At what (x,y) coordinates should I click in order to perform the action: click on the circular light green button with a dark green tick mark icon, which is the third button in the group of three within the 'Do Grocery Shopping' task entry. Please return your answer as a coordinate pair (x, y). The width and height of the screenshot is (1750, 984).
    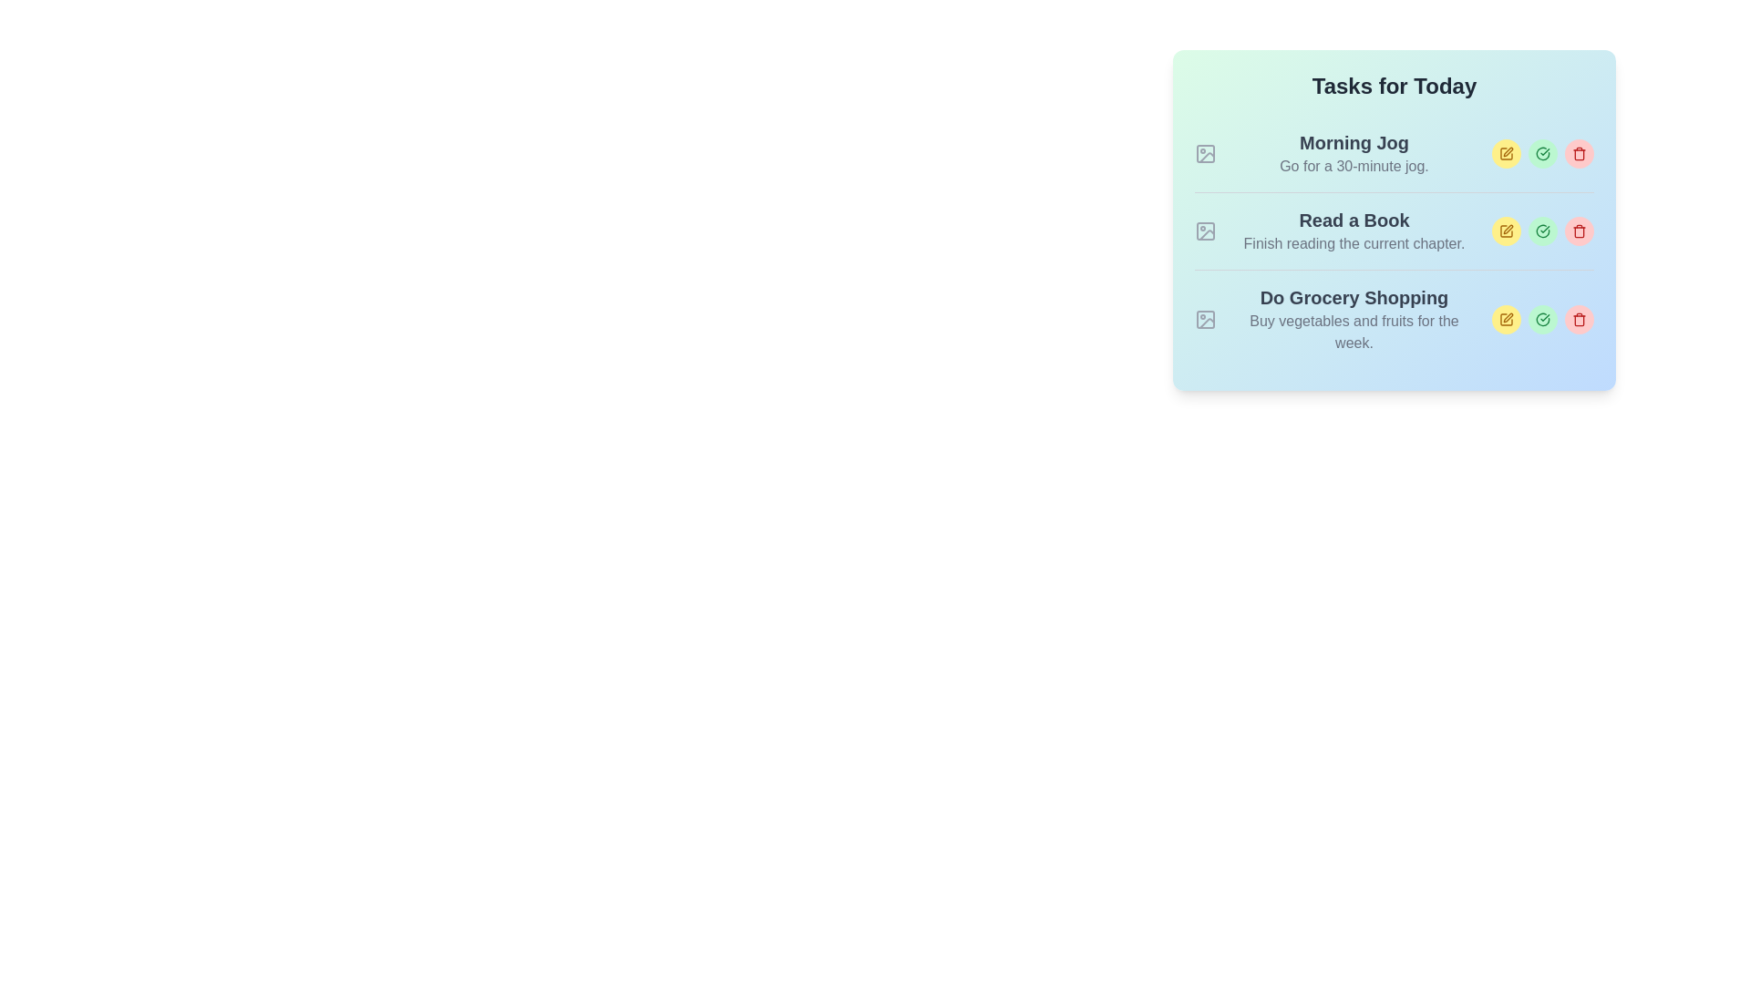
    Looking at the image, I should click on (1542, 319).